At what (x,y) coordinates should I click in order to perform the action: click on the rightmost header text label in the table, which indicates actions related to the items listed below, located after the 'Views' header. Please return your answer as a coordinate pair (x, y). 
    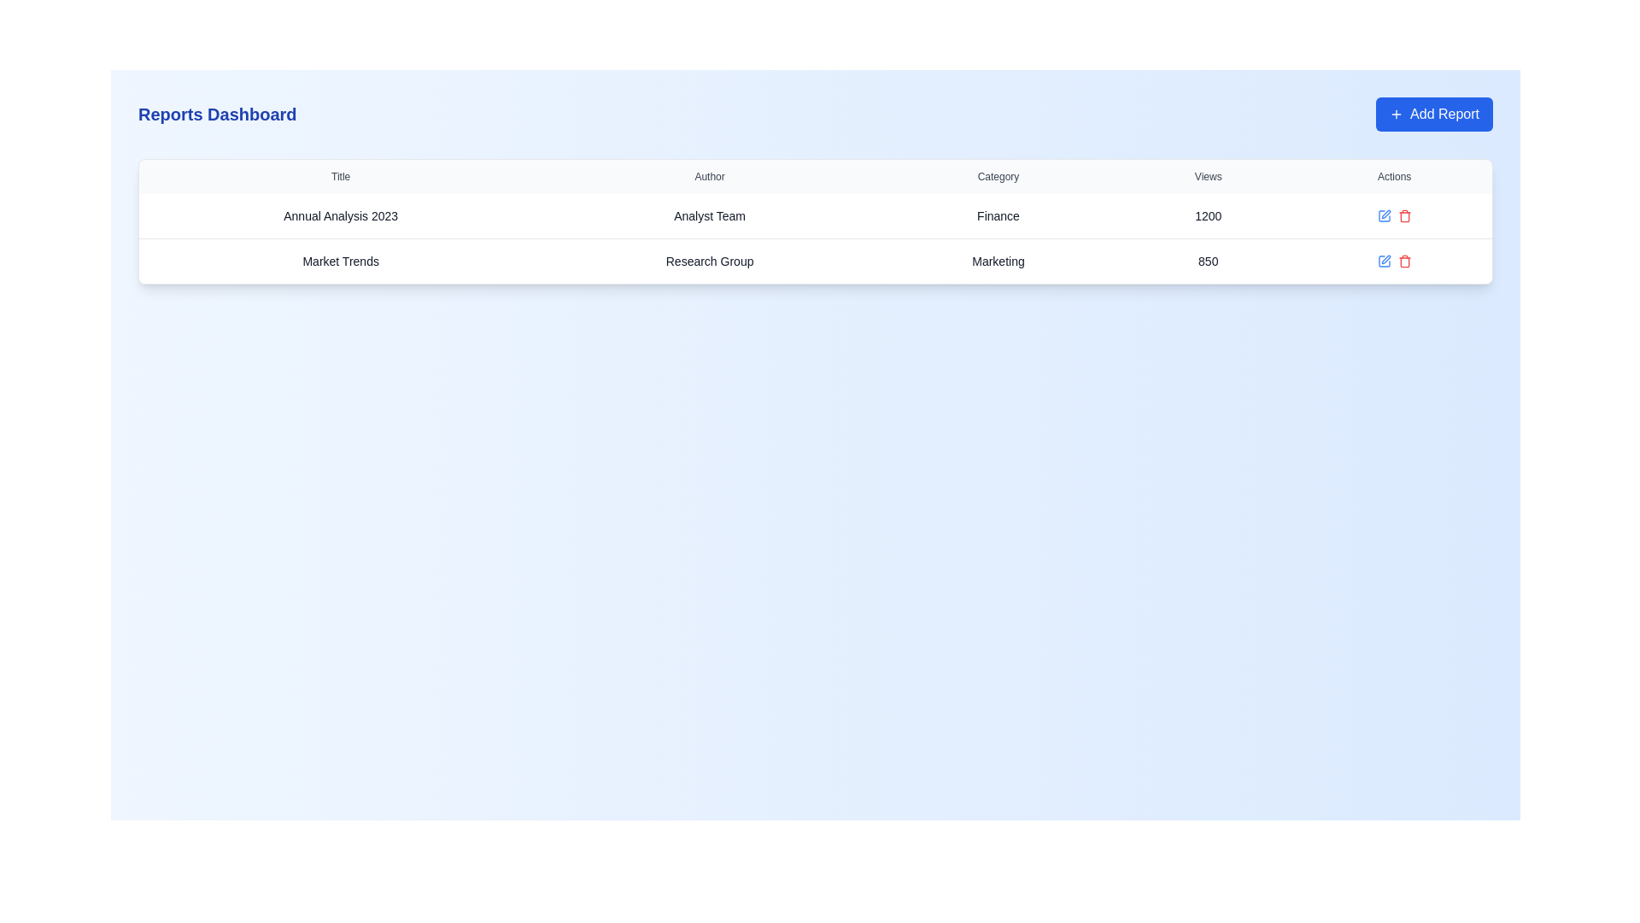
    Looking at the image, I should click on (1394, 177).